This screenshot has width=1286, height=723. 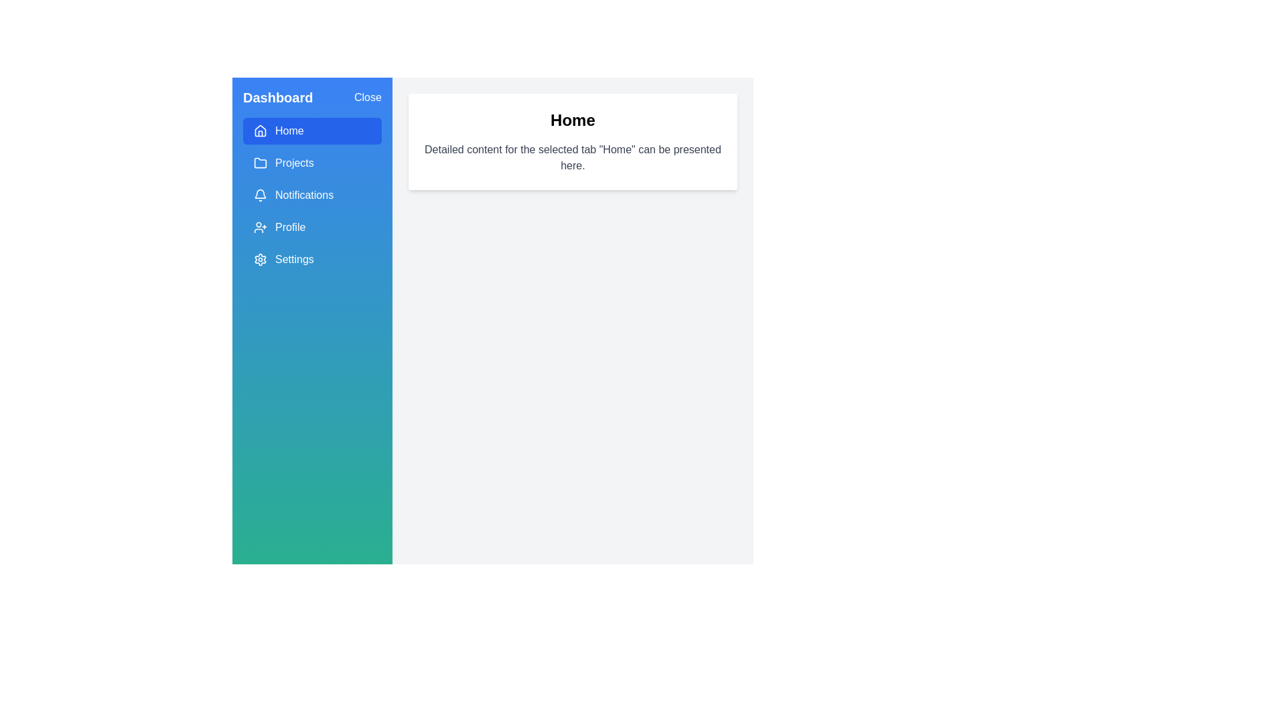 I want to click on the menu item Notifications to display its content, so click(x=311, y=195).